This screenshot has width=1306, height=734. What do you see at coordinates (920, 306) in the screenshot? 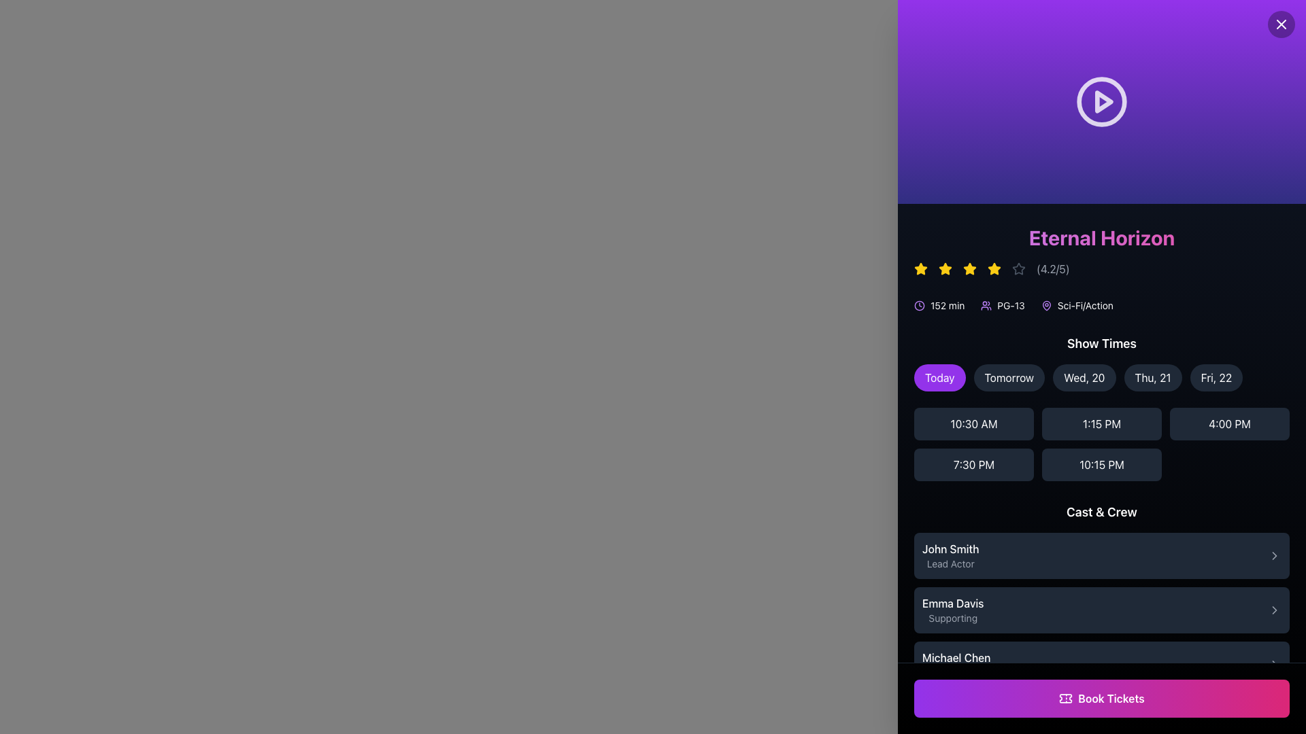
I see `the time duration icon located near the top of the right panel, positioned to the left of the text '152 min'` at bounding box center [920, 306].